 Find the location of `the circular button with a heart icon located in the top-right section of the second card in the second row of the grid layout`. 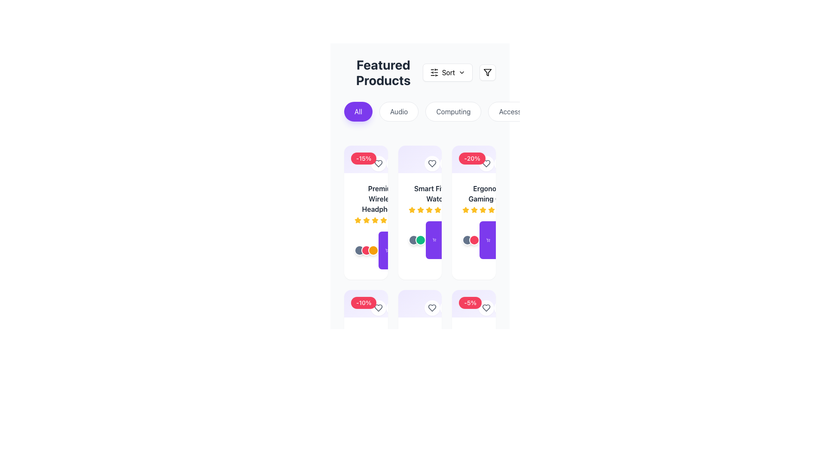

the circular button with a heart icon located in the top-right section of the second card in the second row of the grid layout is located at coordinates (432, 308).